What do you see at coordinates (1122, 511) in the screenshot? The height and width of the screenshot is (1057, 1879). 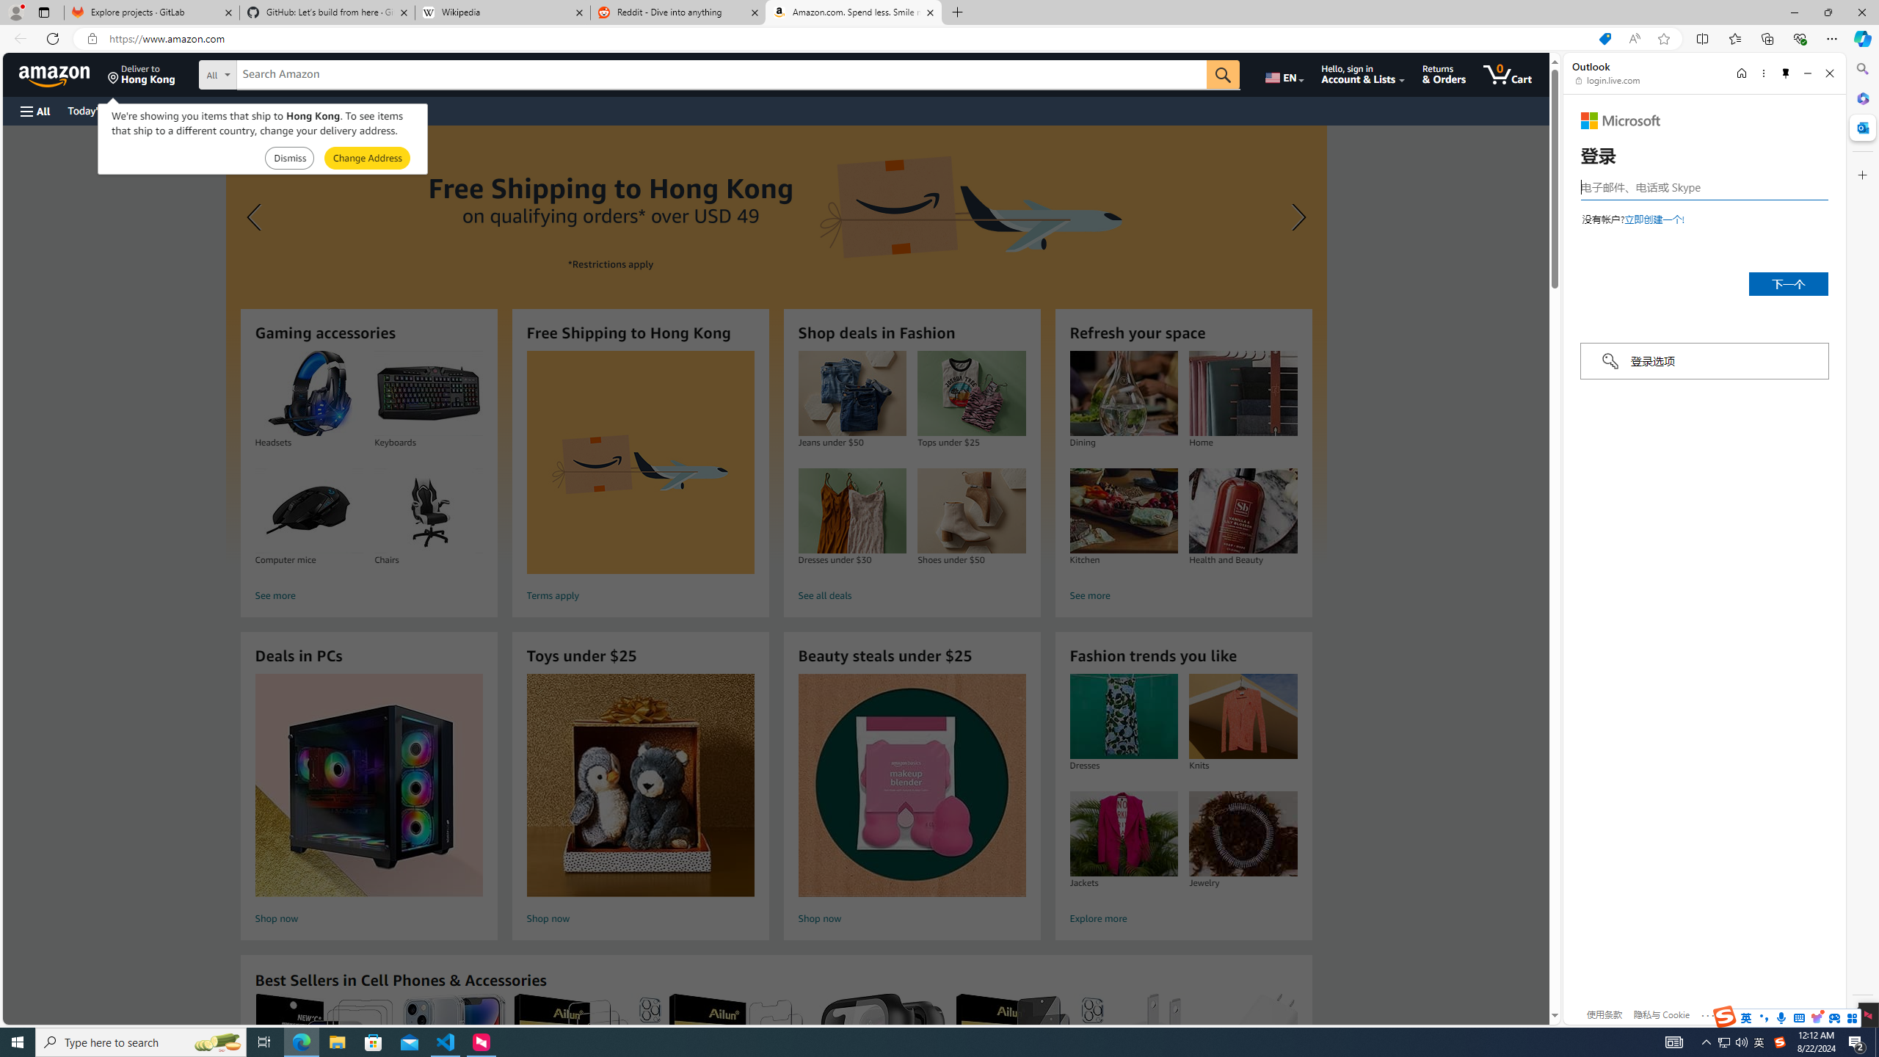 I see `'Kitchen'` at bounding box center [1122, 511].